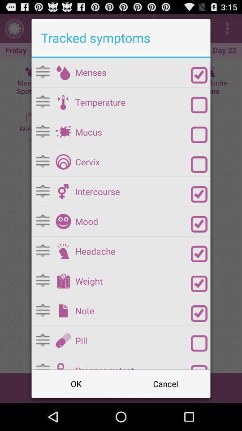 The image size is (242, 431). Describe the element at coordinates (63, 102) in the screenshot. I see `open temperature` at that location.